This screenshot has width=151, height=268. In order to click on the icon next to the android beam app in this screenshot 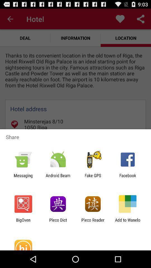, I will do `click(23, 178)`.